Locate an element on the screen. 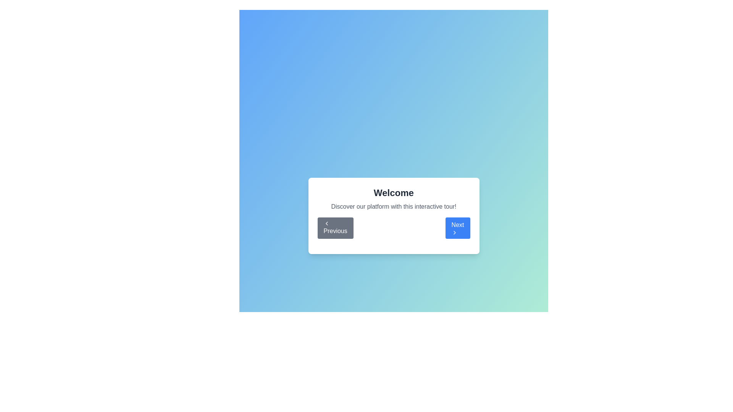  the descriptive guidance text element located below the 'Welcome' heading in the upper-middle section of the dialogue box is located at coordinates (394, 207).